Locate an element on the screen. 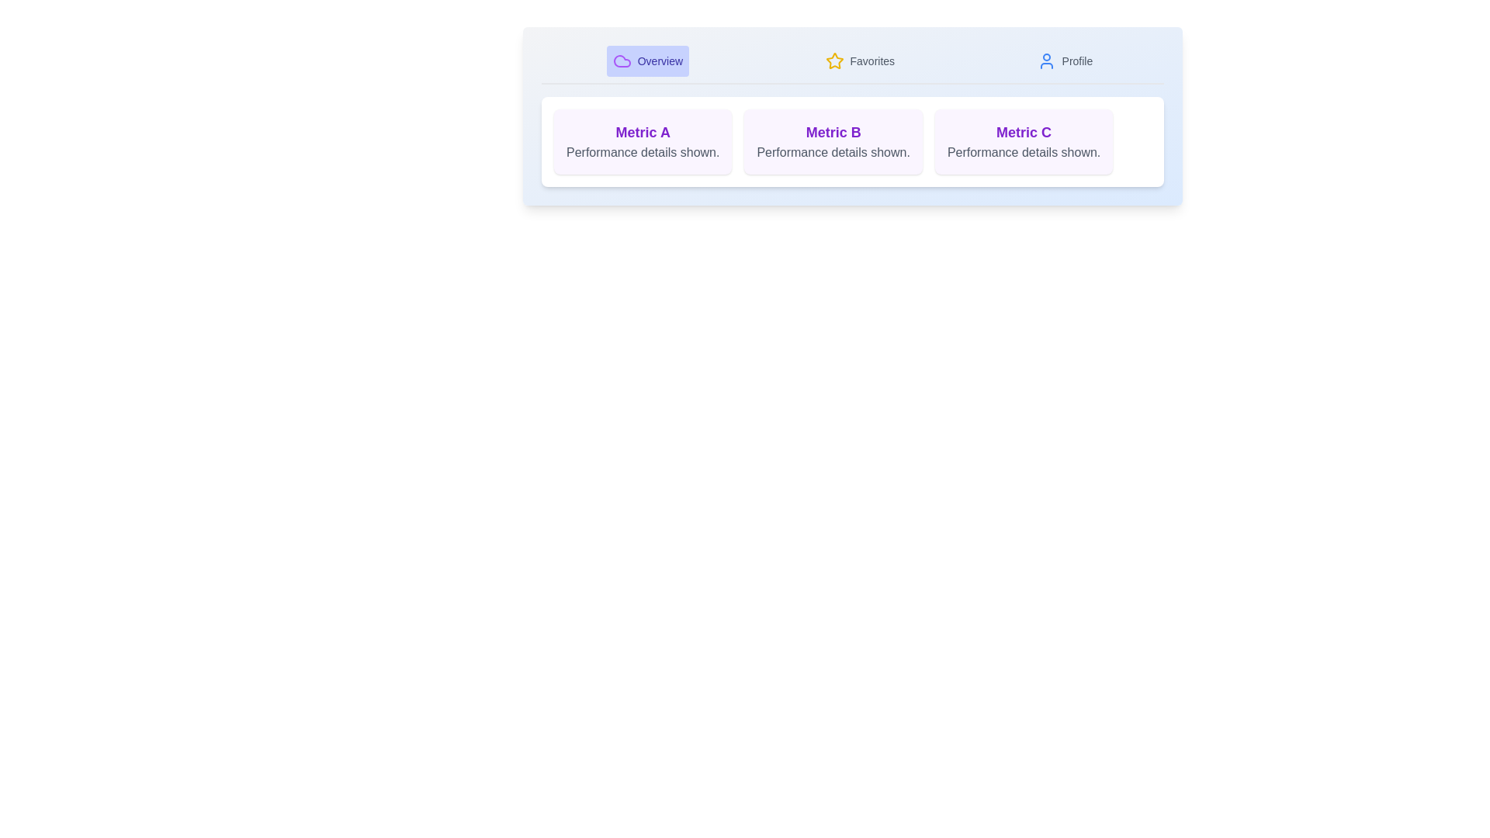  the tab labeled Overview by clicking on its corresponding label is located at coordinates (647, 60).